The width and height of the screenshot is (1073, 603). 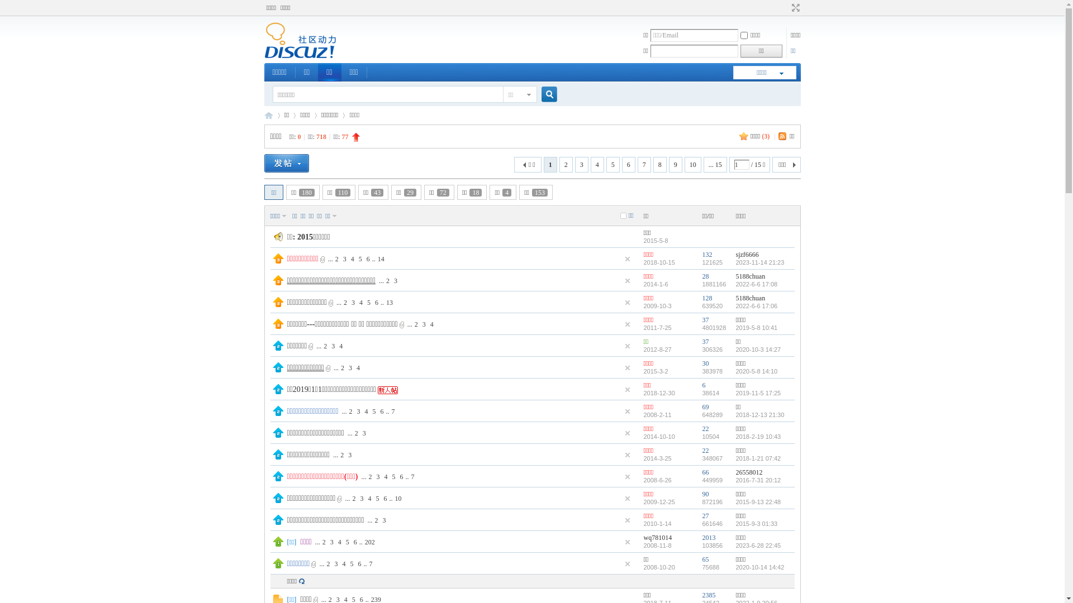 What do you see at coordinates (339, 542) in the screenshot?
I see `'4'` at bounding box center [339, 542].